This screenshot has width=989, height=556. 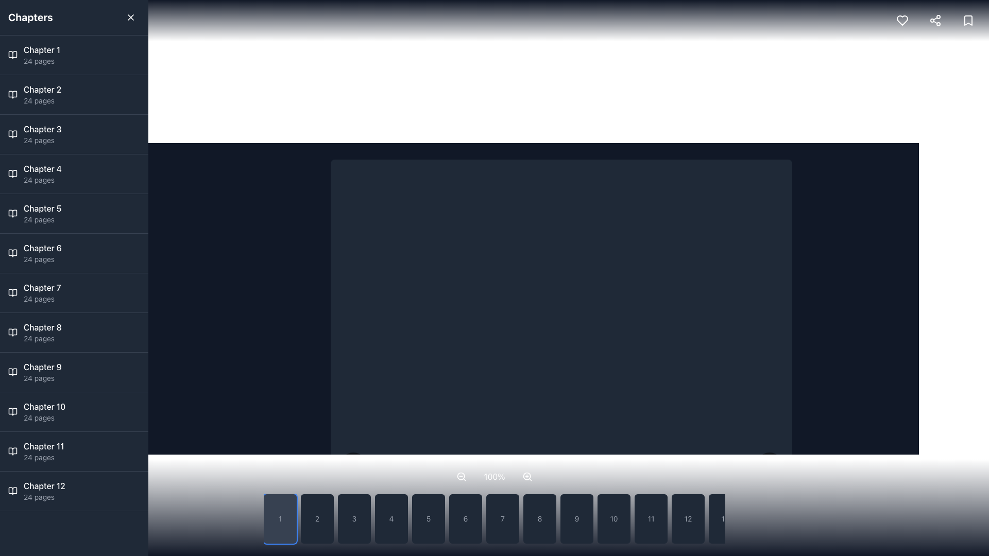 I want to click on the Icon depicting an open book, which is the first item in the vertical list next to 'Chapter 1', so click(x=12, y=55).